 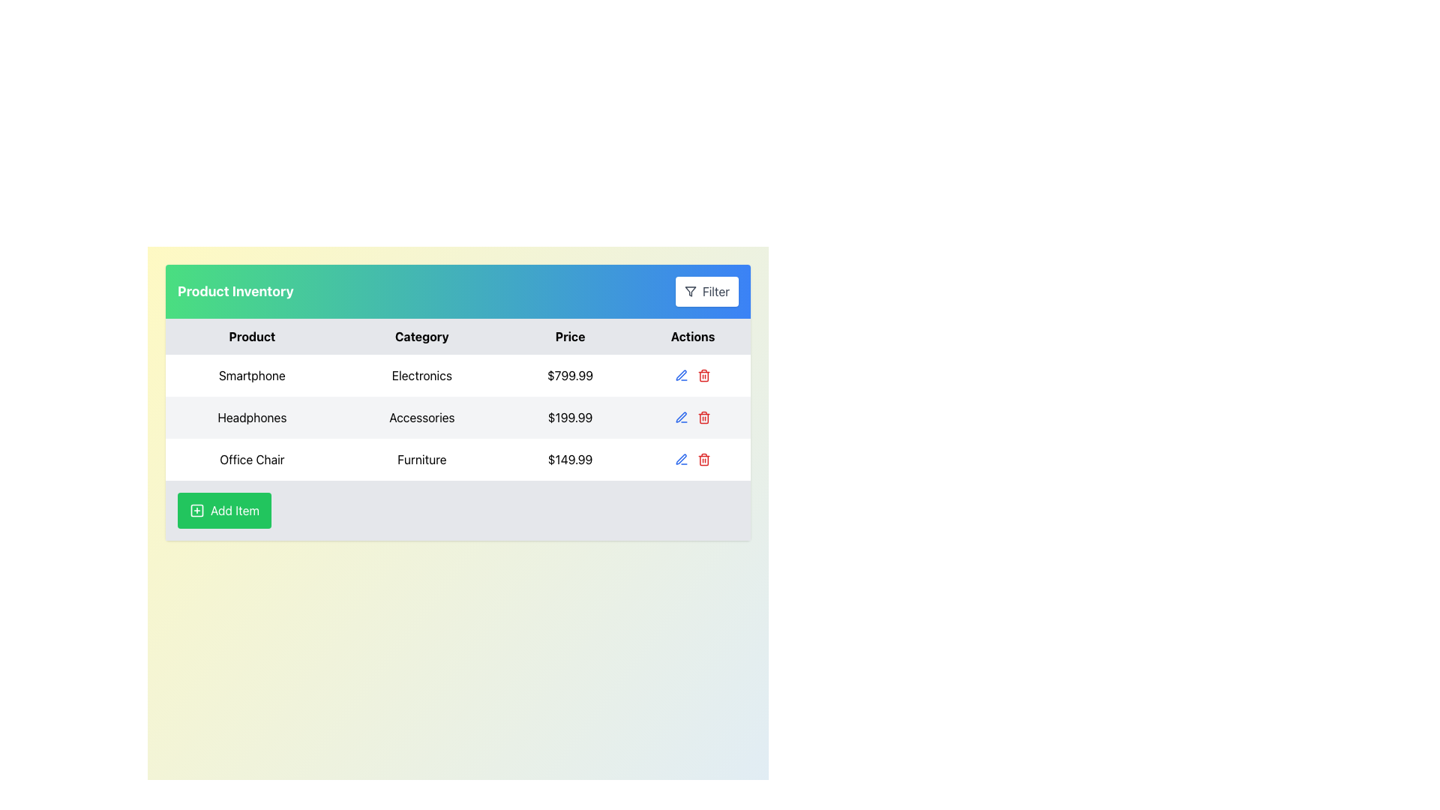 What do you see at coordinates (421, 459) in the screenshot?
I see `the 'Furniture' text label located in the 'Category' column of the third row in the table, which is styled with a simple black sans-serif font on a white background` at bounding box center [421, 459].